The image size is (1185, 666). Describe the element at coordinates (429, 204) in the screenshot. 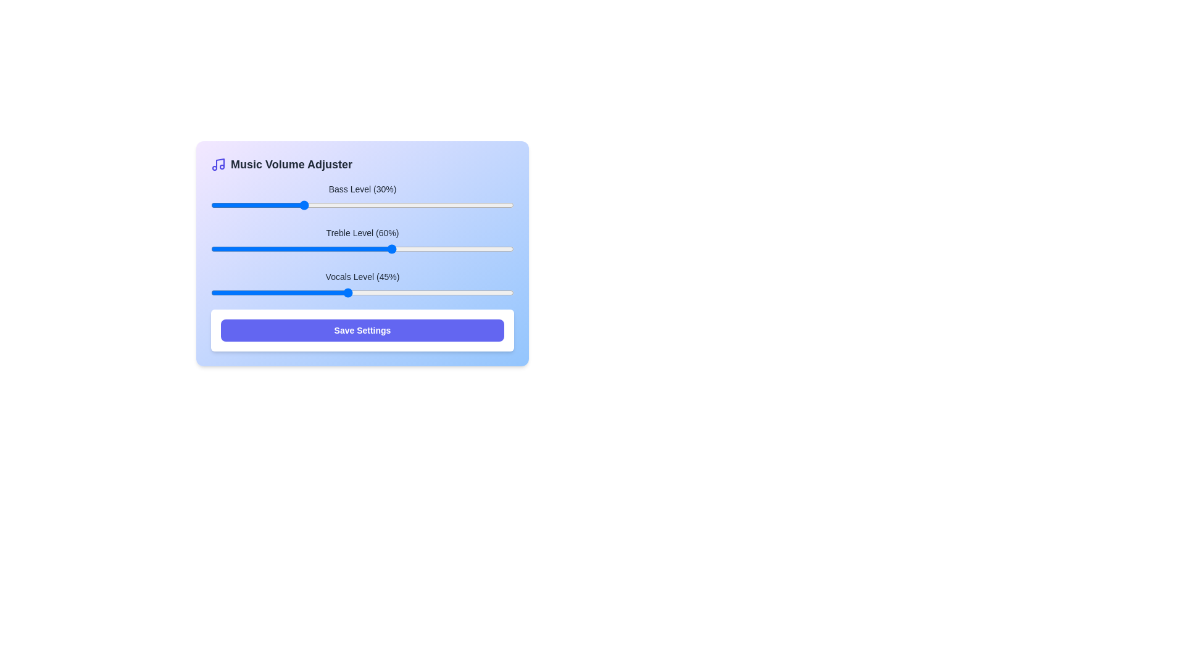

I see `the bass level` at that location.